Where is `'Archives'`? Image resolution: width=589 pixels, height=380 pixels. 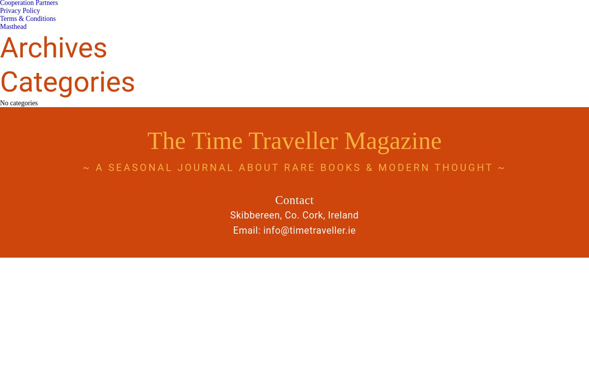 'Archives' is located at coordinates (54, 47).